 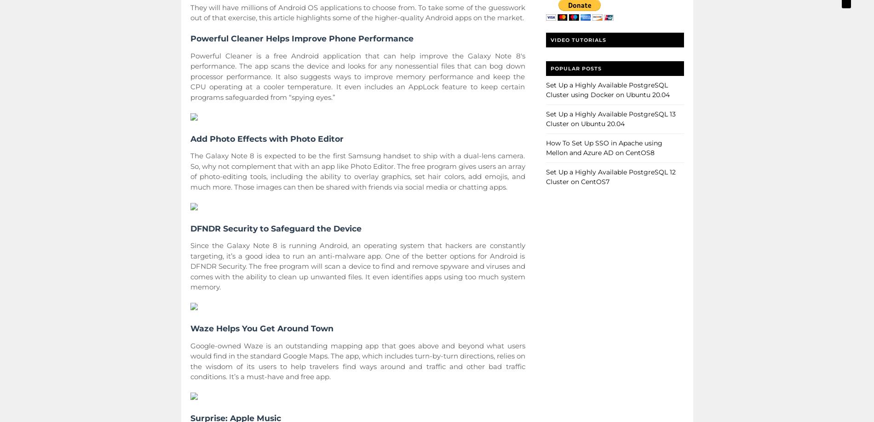 What do you see at coordinates (609, 118) in the screenshot?
I see `'Set Up a Highly Available PostgreSQL 13 Cluster on Ubuntu 20.04'` at bounding box center [609, 118].